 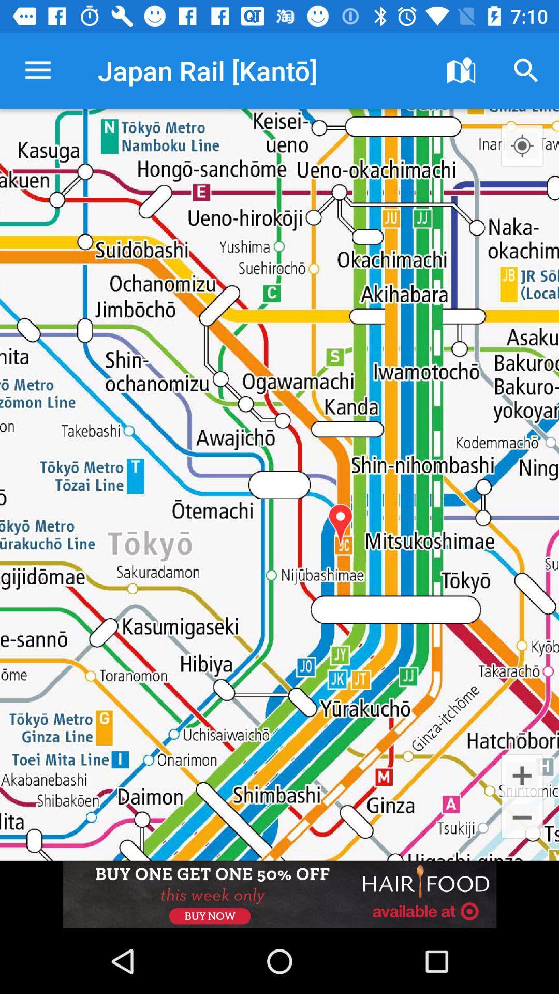 I want to click on zoom out, so click(x=522, y=817).